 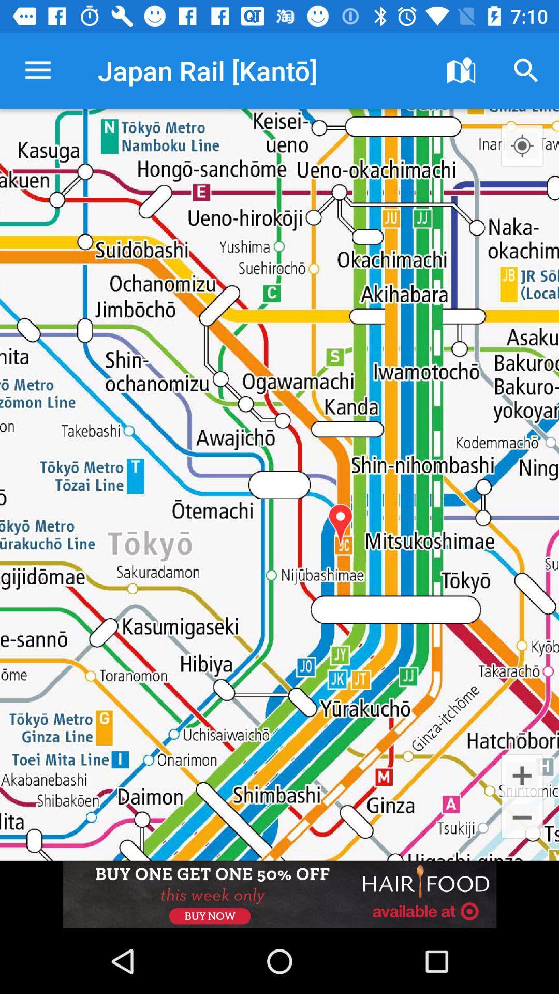 I want to click on zoom out, so click(x=522, y=817).